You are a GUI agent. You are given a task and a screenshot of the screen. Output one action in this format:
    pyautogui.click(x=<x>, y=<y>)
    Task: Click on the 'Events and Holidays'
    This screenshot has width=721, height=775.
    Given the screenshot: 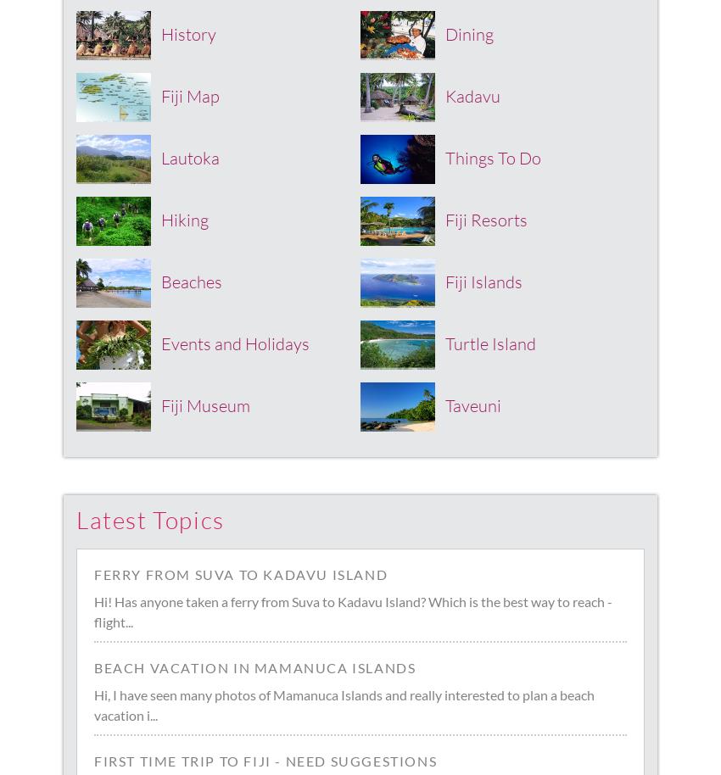 What is the action you would take?
    pyautogui.click(x=234, y=343)
    